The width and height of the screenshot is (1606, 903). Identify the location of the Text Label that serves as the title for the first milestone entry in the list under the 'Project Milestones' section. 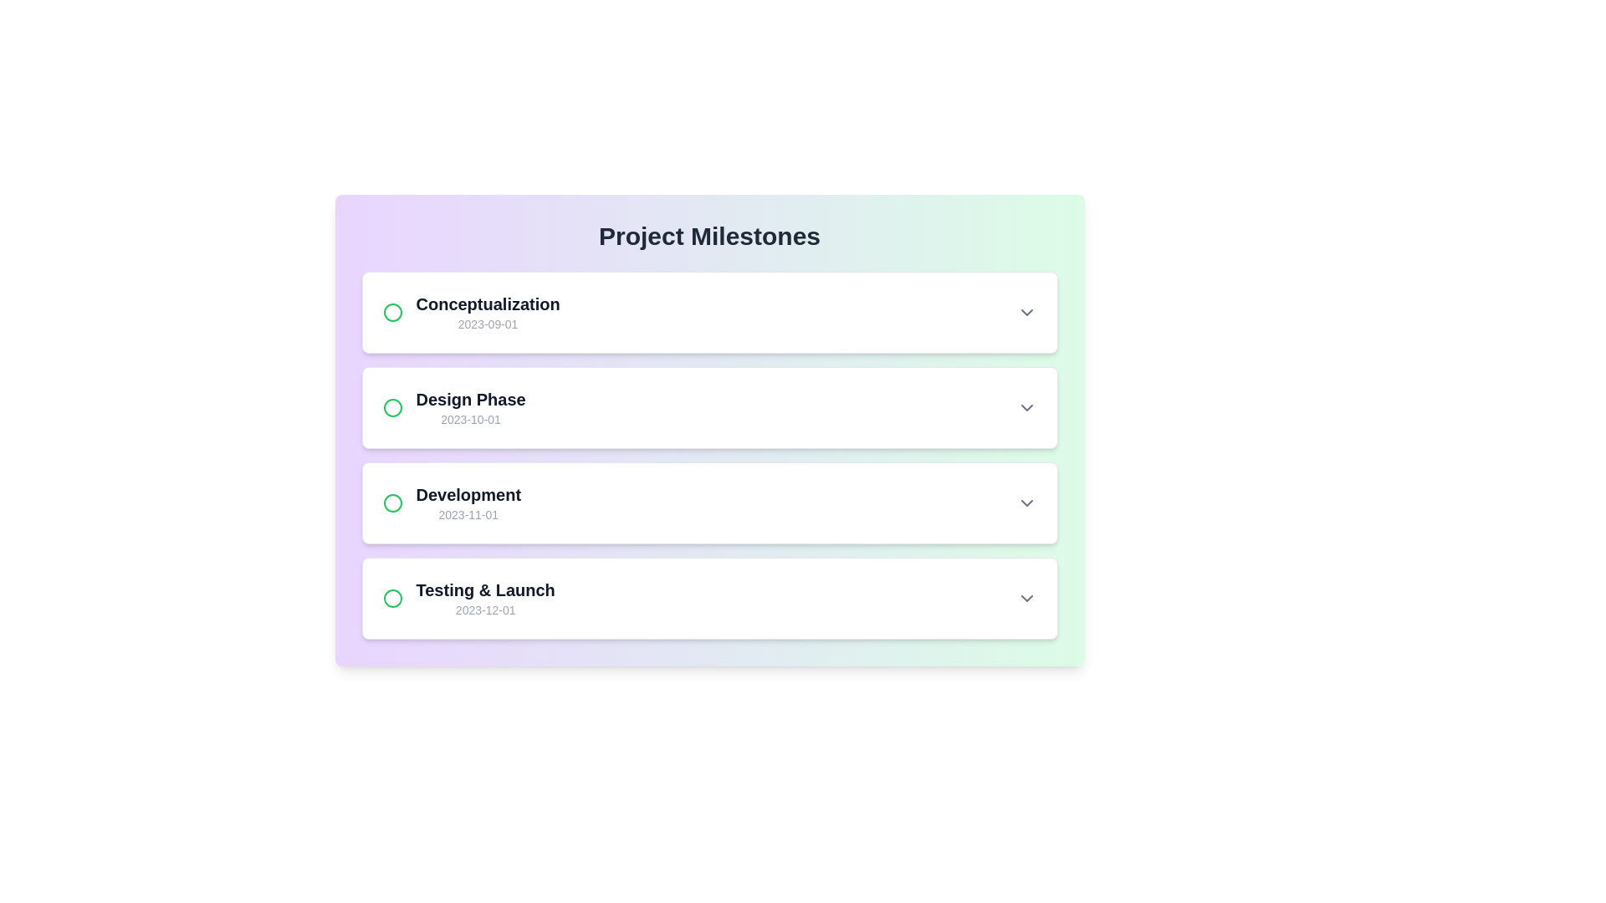
(487, 304).